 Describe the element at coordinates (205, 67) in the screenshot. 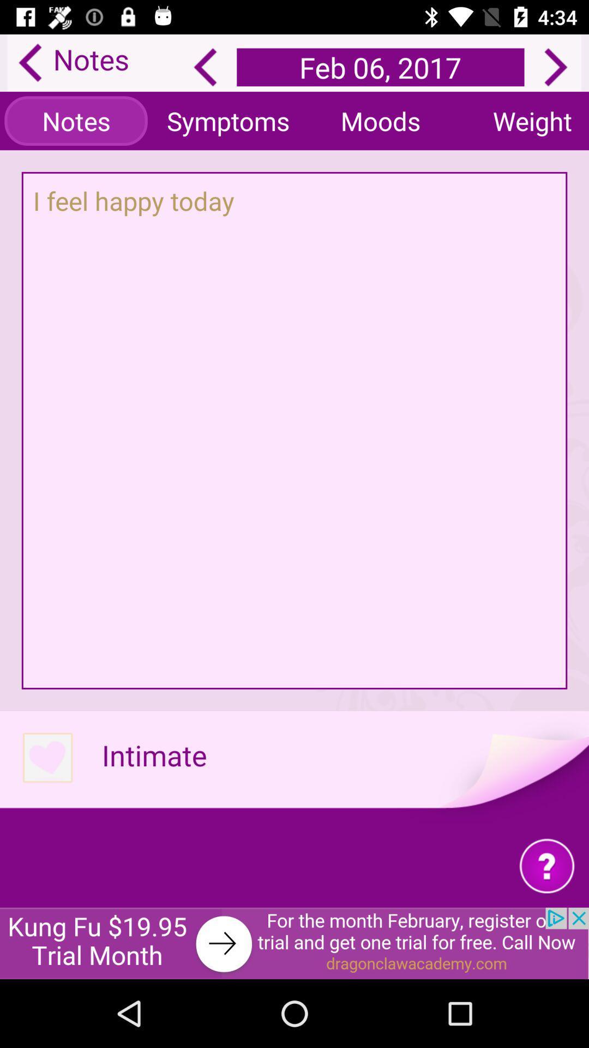

I see `the arrow_backward icon` at that location.